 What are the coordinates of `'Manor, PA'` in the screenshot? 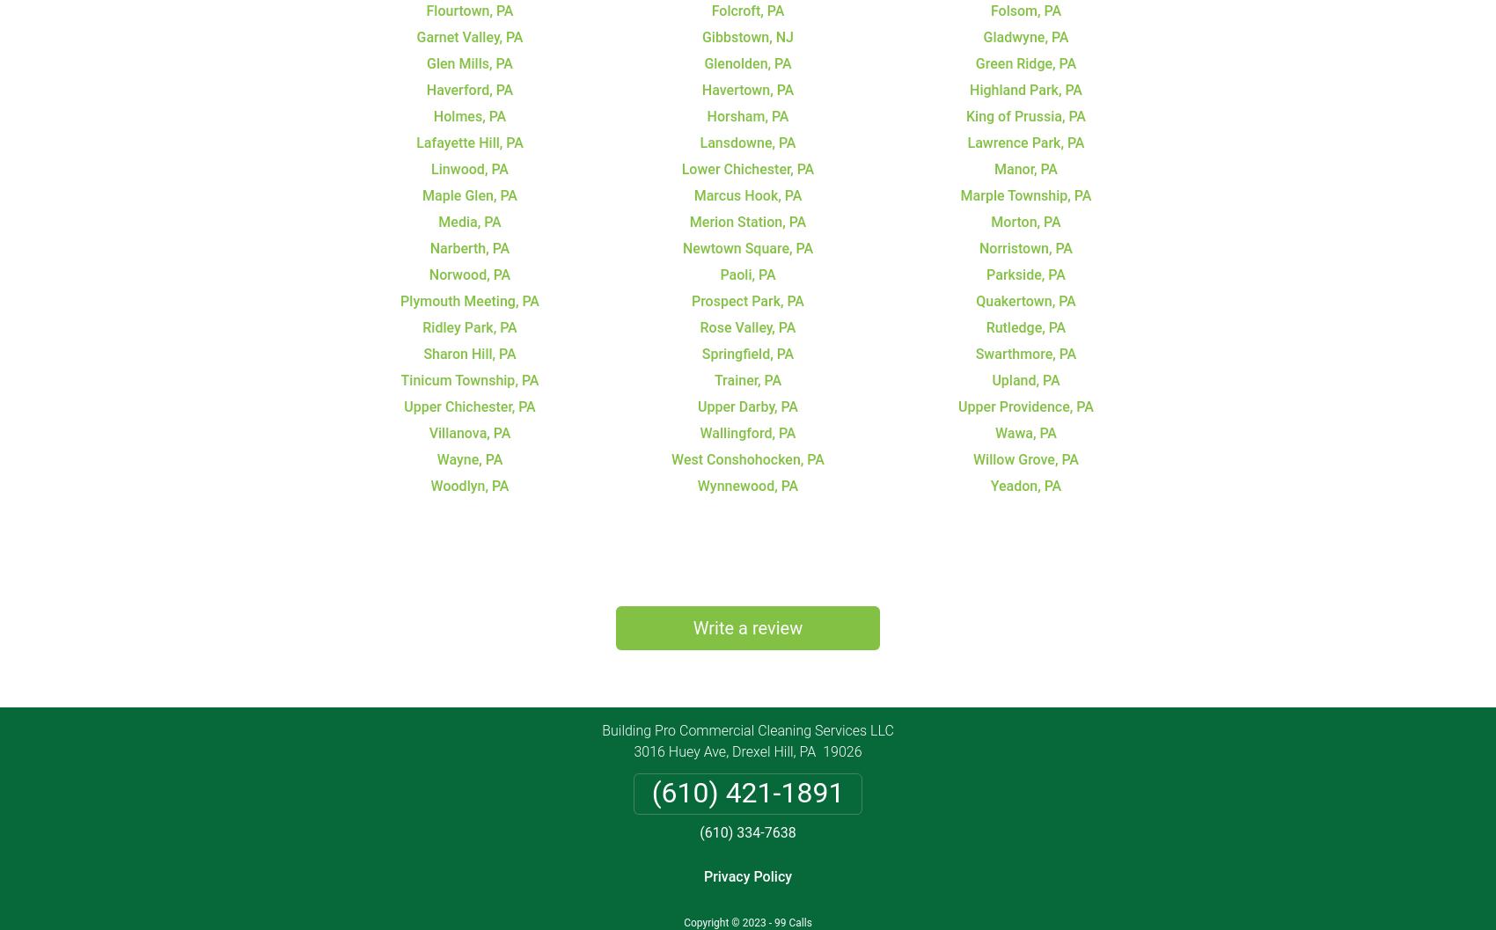 It's located at (1025, 168).